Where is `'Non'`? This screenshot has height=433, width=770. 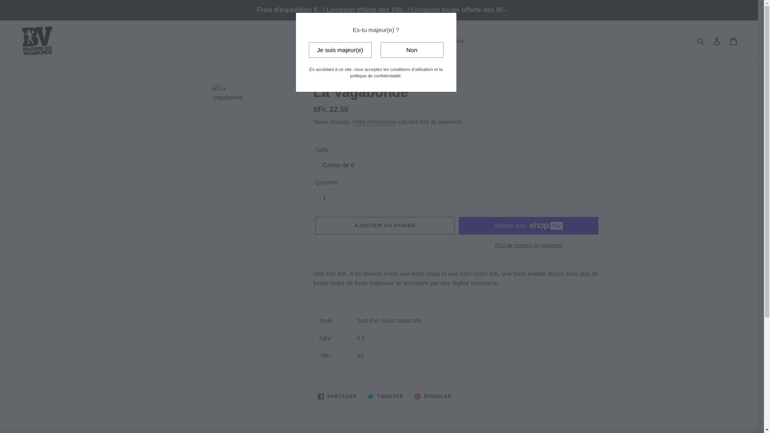 'Non' is located at coordinates (411, 50).